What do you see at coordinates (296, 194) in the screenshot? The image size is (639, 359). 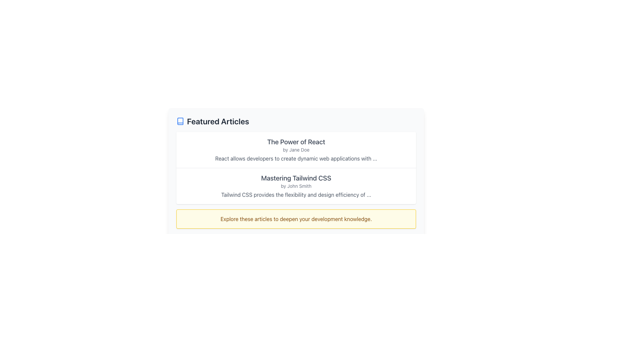 I see `the descriptive text block providing information about the article 'Mastering Tailwind CSS', located under the 'Featured Articles' section` at bounding box center [296, 194].